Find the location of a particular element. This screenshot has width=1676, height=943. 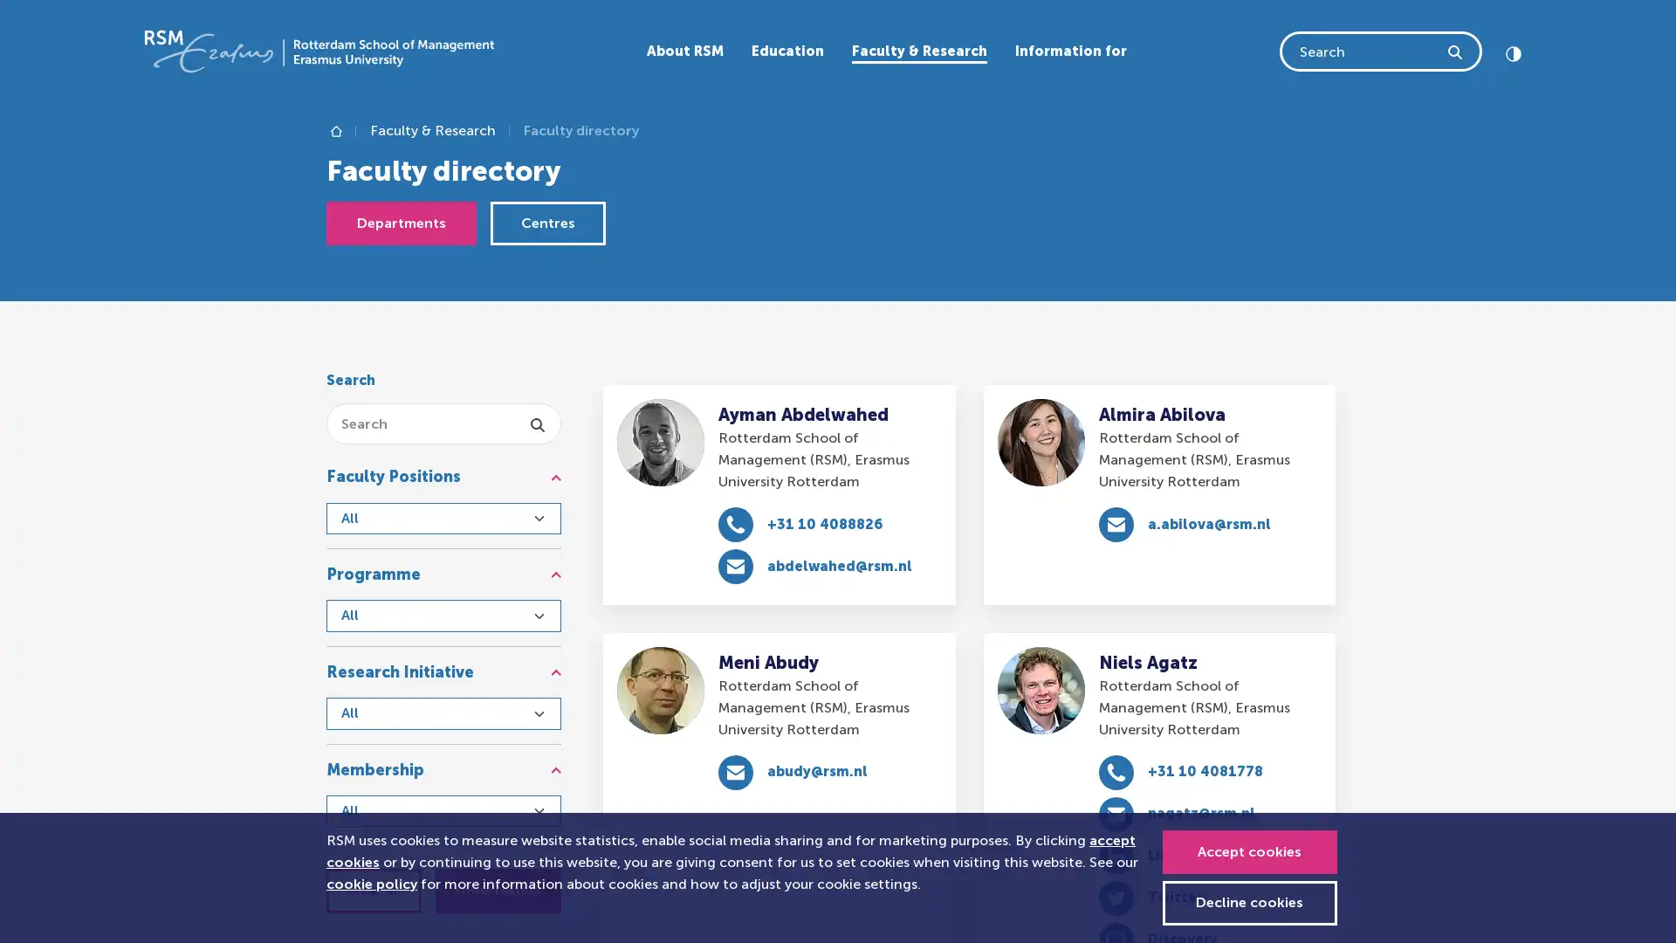

Programme is located at coordinates (443, 575).